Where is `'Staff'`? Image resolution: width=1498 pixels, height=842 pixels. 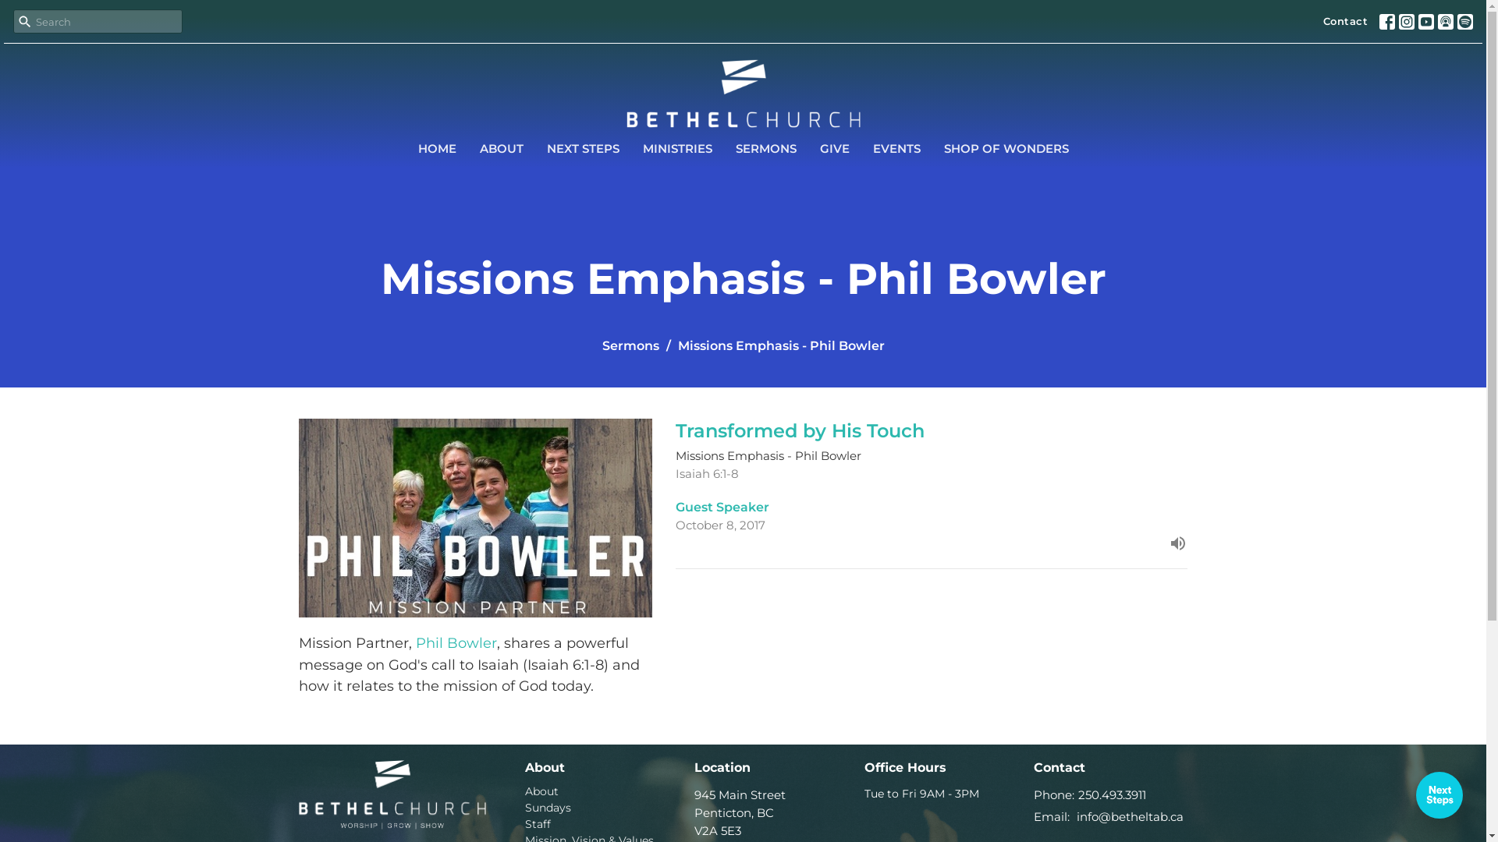
'Staff' is located at coordinates (537, 823).